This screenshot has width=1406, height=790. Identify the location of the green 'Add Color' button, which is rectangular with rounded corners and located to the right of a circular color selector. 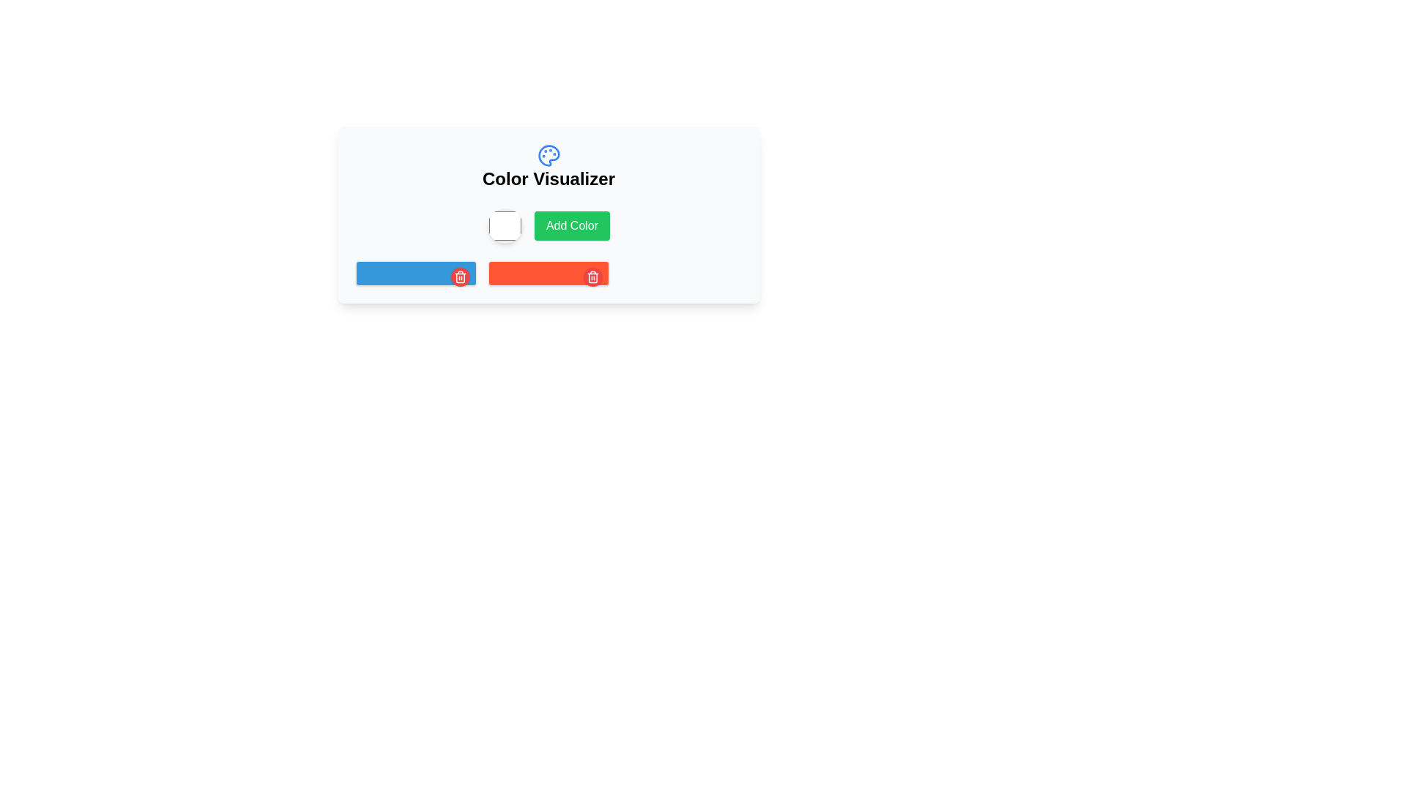
(571, 225).